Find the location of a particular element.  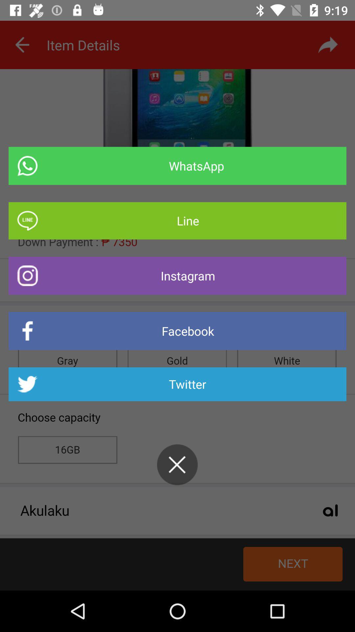

the whatsapp icon is located at coordinates (177, 166).